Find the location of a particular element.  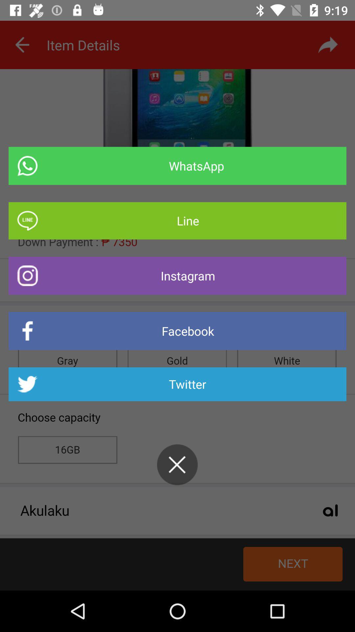

the whatsapp icon is located at coordinates (177, 166).